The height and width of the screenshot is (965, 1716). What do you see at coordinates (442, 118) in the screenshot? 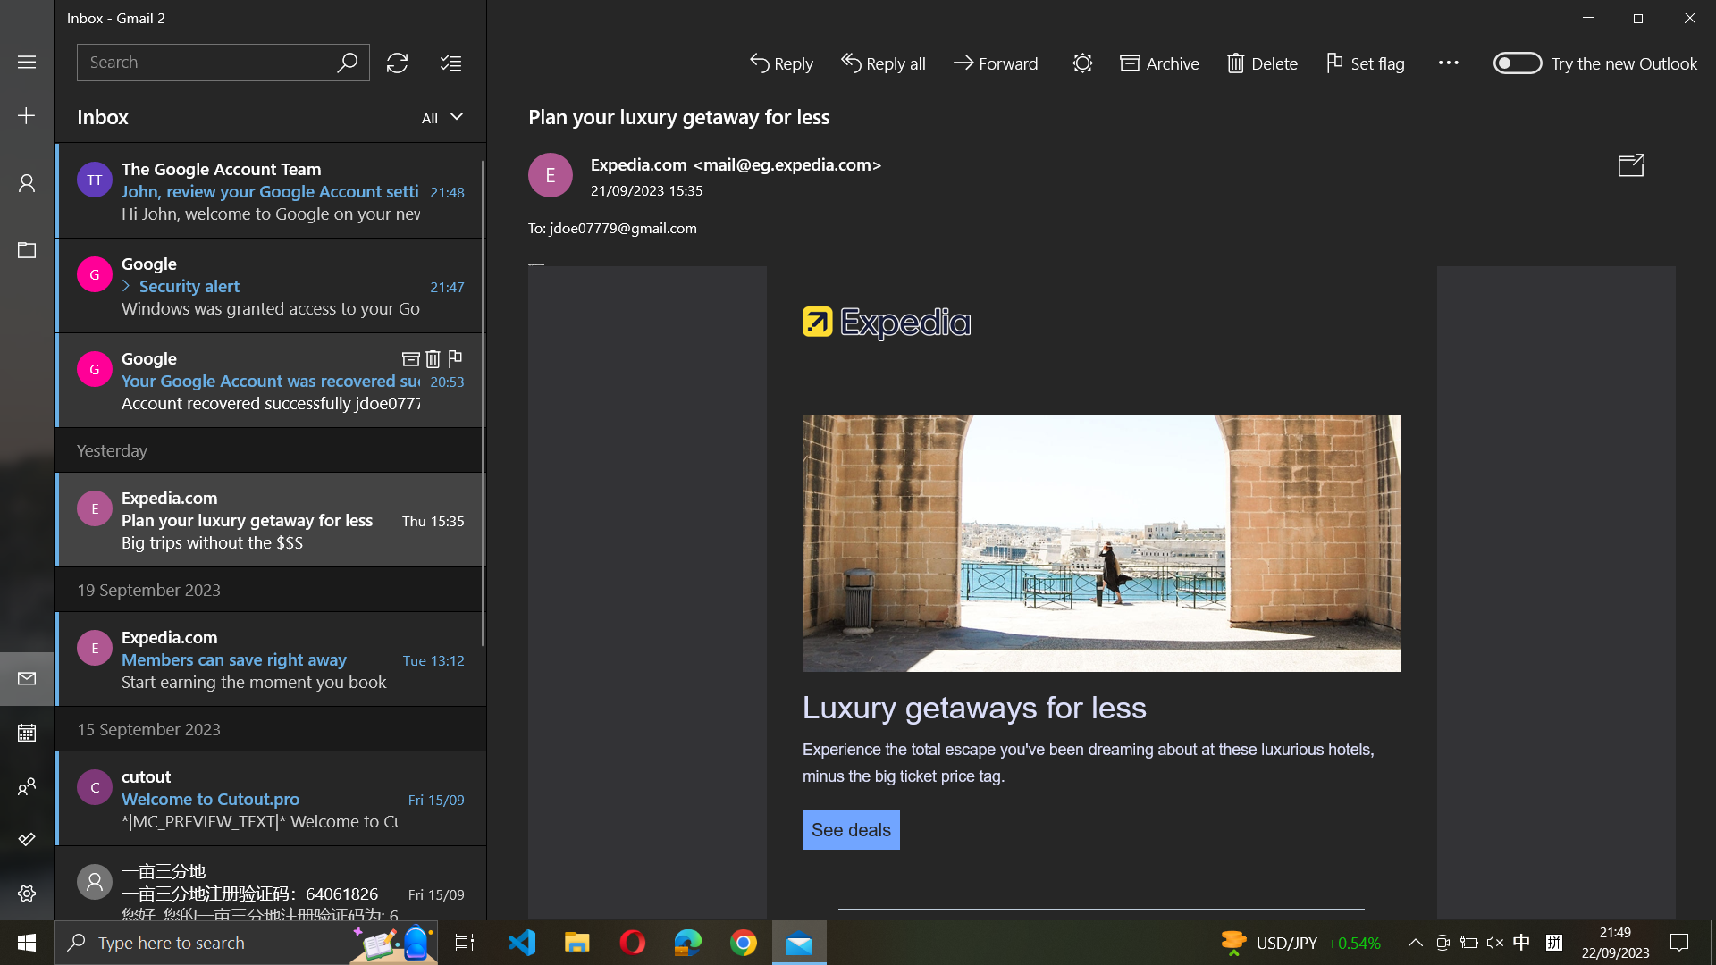
I see `all emails` at bounding box center [442, 118].